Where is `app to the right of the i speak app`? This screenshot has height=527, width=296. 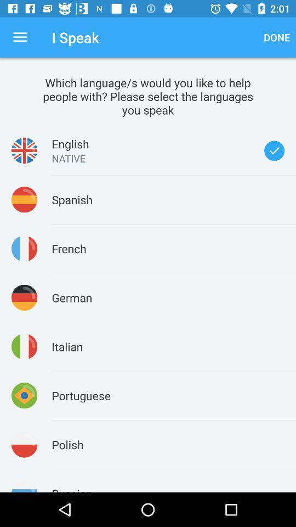 app to the right of the i speak app is located at coordinates (276, 37).